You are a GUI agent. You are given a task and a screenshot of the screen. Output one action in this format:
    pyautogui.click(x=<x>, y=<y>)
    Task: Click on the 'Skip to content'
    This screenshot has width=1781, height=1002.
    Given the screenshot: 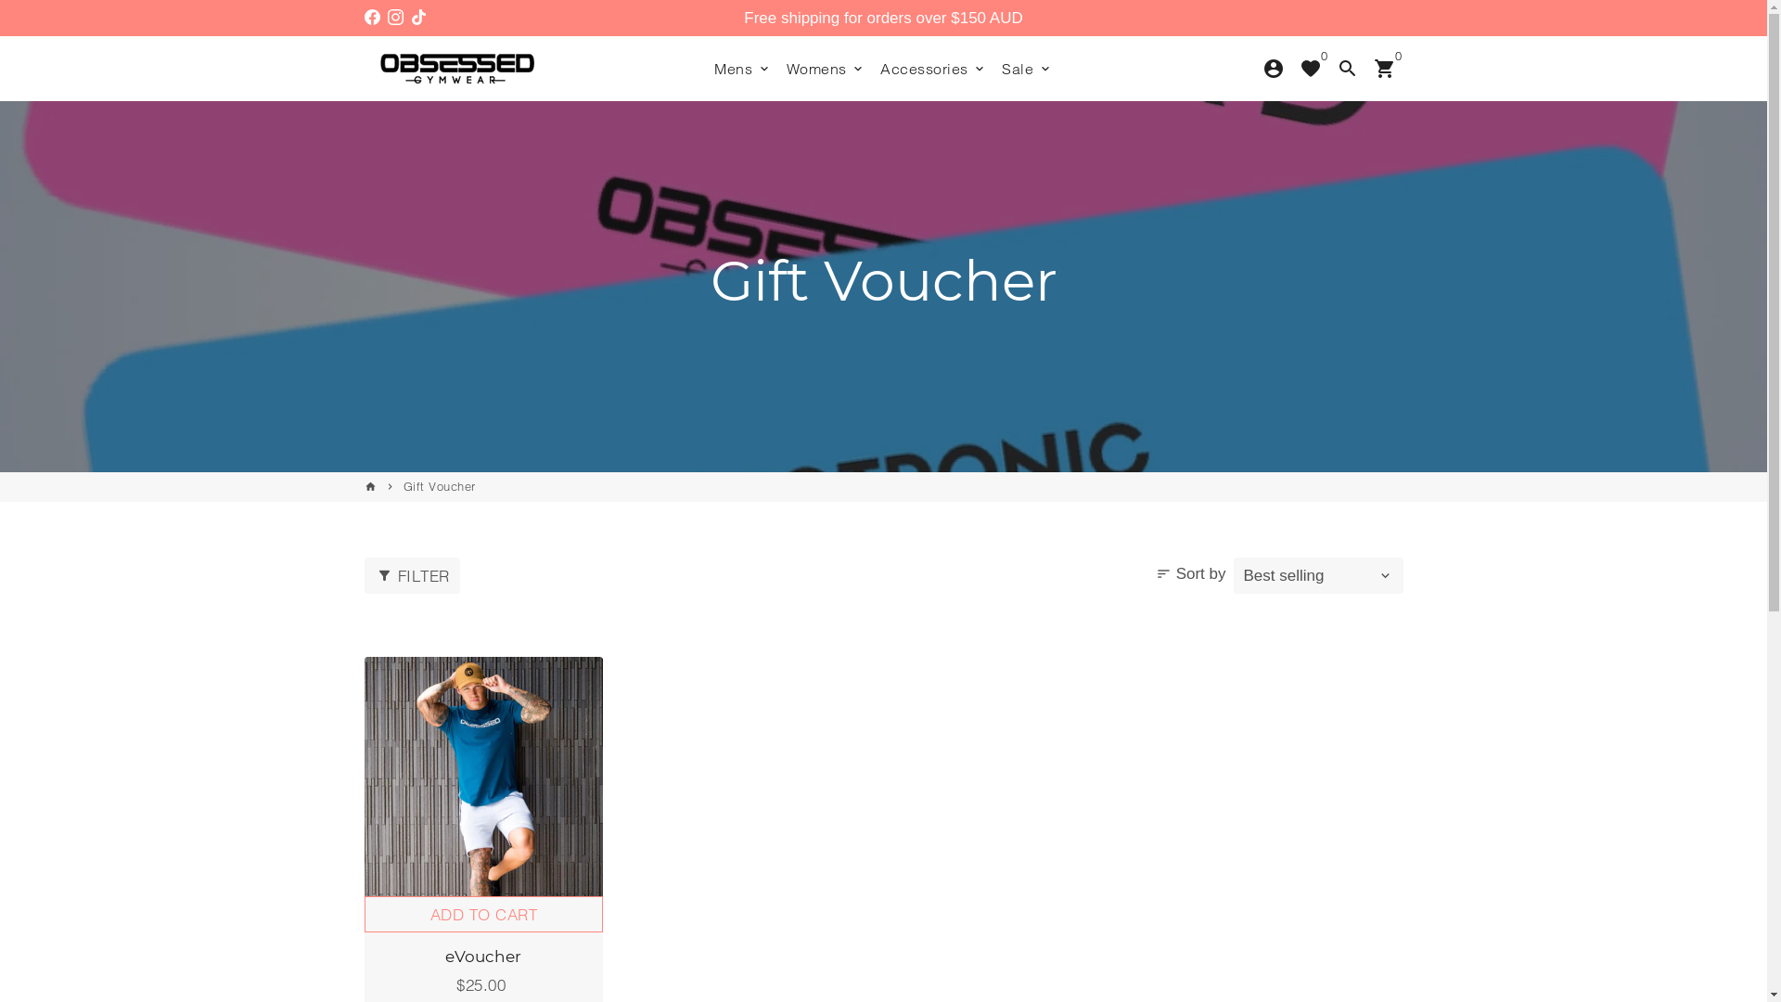 What is the action you would take?
    pyautogui.click(x=0, y=0)
    